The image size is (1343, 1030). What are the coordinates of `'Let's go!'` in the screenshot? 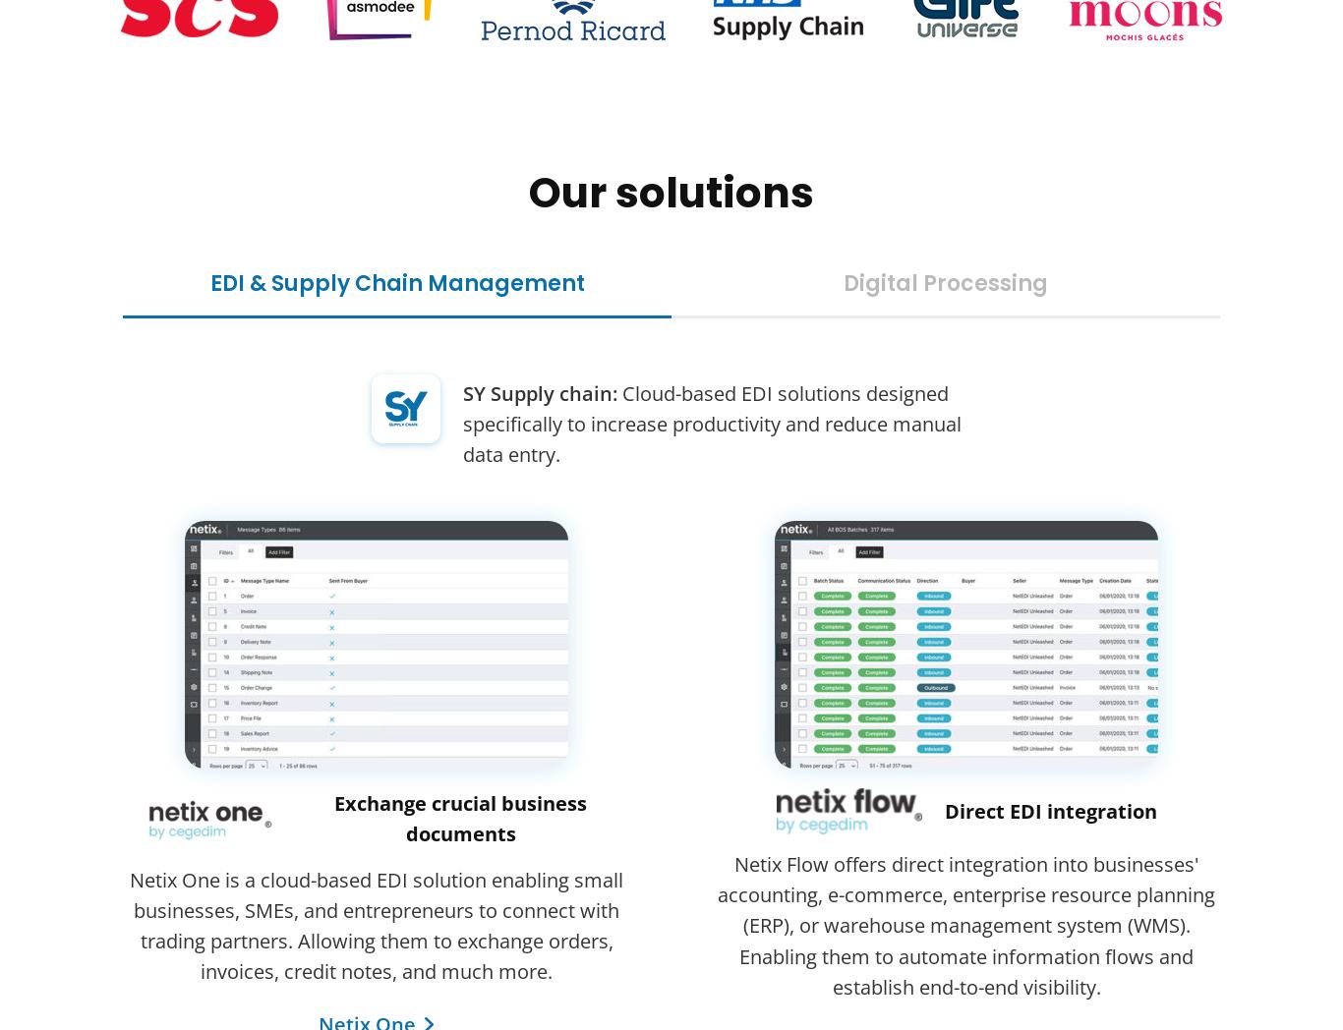 It's located at (671, 380).